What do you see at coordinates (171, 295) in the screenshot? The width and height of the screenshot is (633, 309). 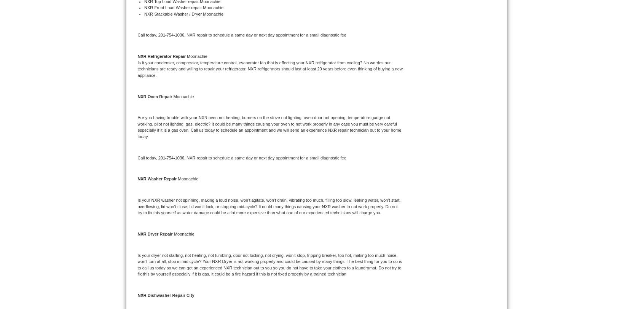 I see `'Dishwasher Repair City'` at bounding box center [171, 295].